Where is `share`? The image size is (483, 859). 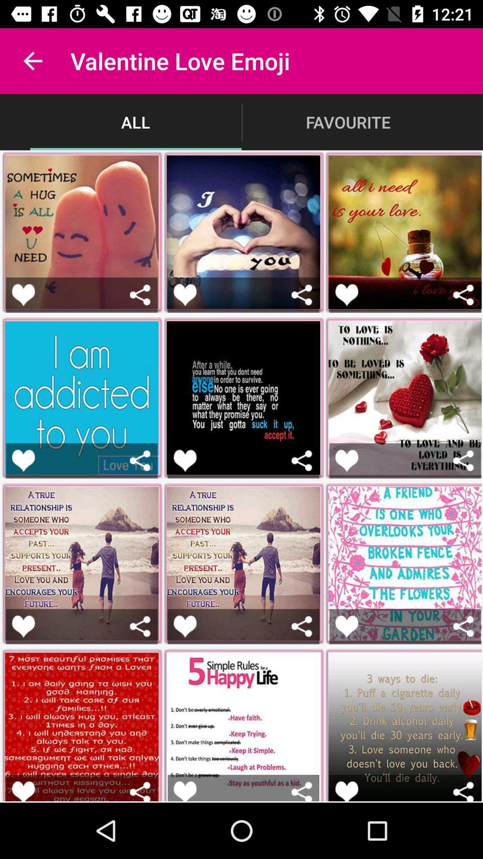 share is located at coordinates (302, 626).